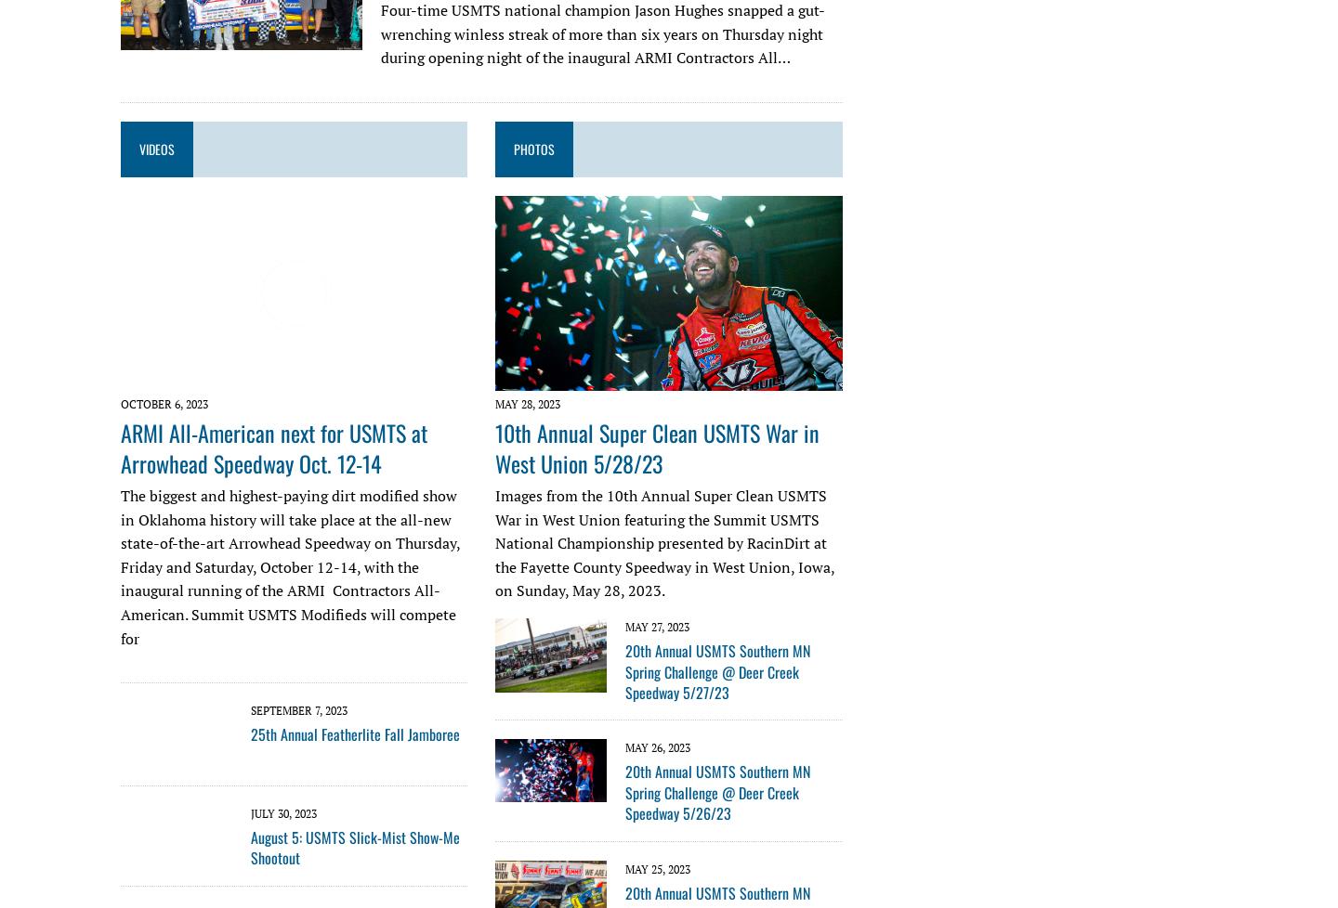  Describe the element at coordinates (354, 846) in the screenshot. I see `'August 5: USMTS Slick-Mist Show-Me Shootout'` at that location.